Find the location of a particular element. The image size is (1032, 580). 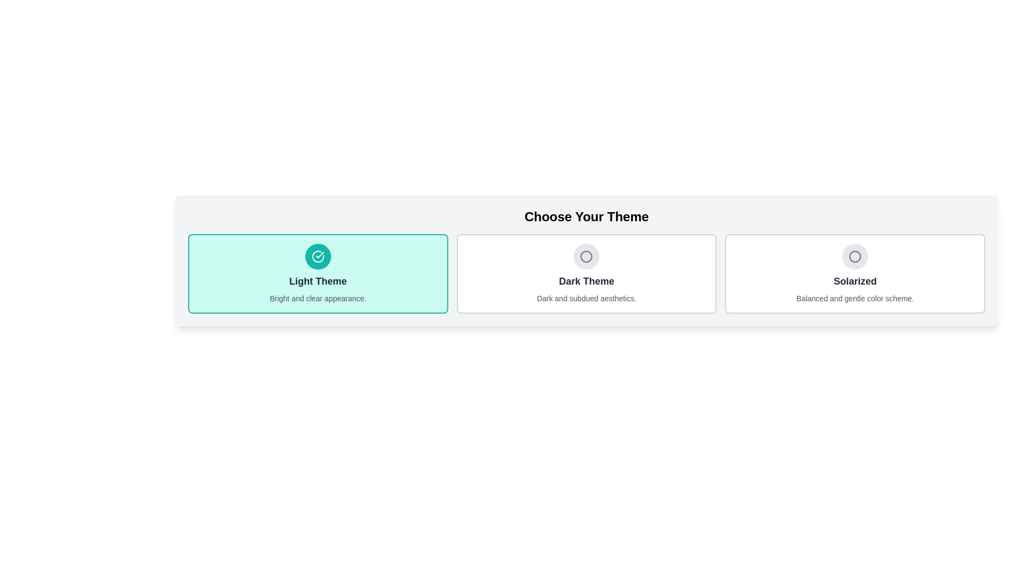

text label component displaying 'Solarized' in dark gray font, positioned below a circular icon and above the descriptive text segment is located at coordinates (855, 281).